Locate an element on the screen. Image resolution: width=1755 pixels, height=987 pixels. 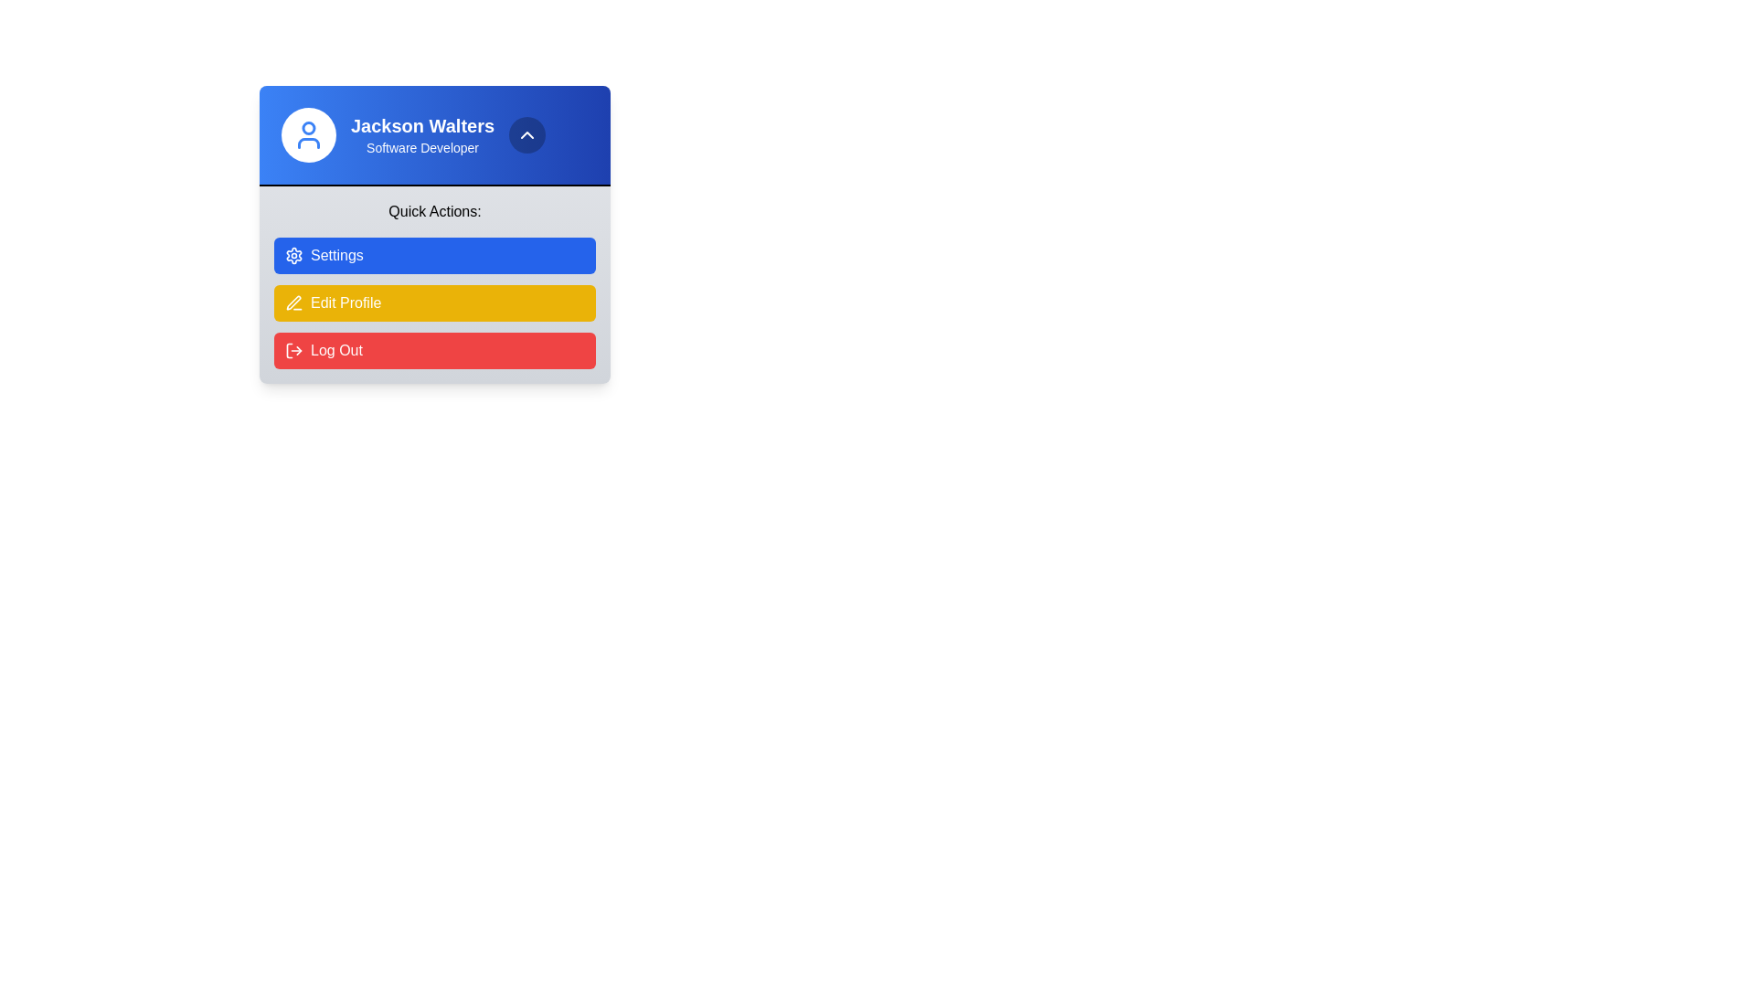
the log out button located at the bottom of the 'Quick Actions' section, which is the last button in the group, to log out of the user session is located at coordinates (433, 351).